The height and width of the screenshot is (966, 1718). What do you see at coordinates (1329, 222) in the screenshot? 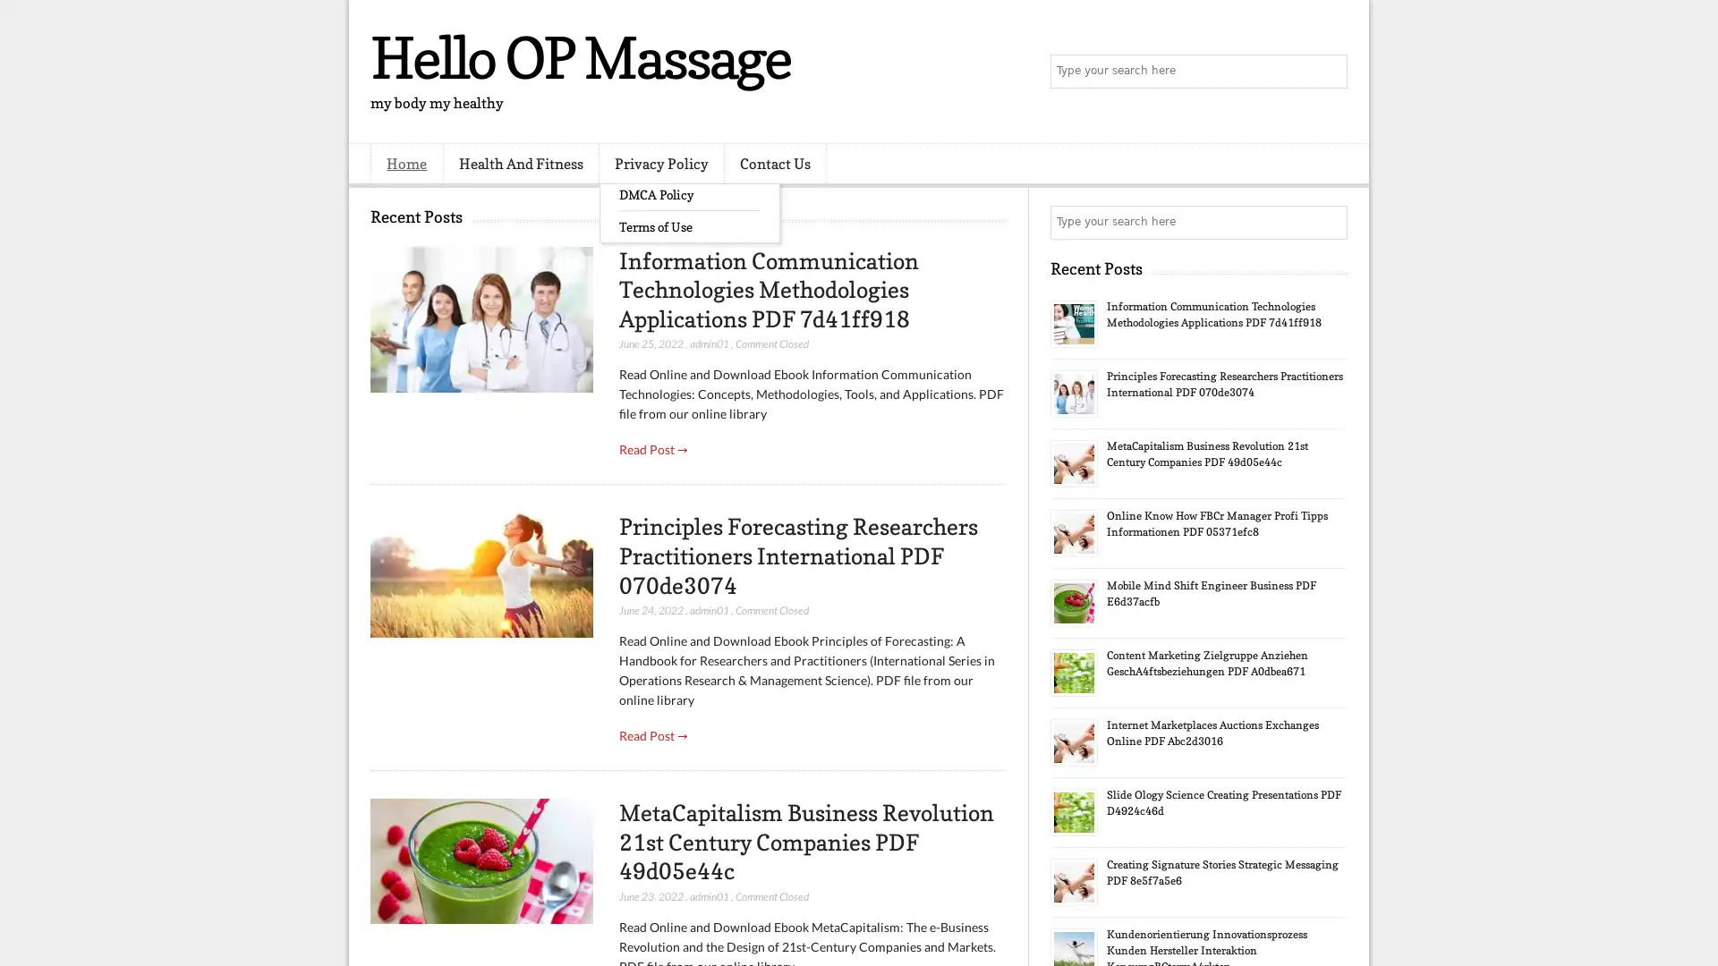
I see `Search` at bounding box center [1329, 222].